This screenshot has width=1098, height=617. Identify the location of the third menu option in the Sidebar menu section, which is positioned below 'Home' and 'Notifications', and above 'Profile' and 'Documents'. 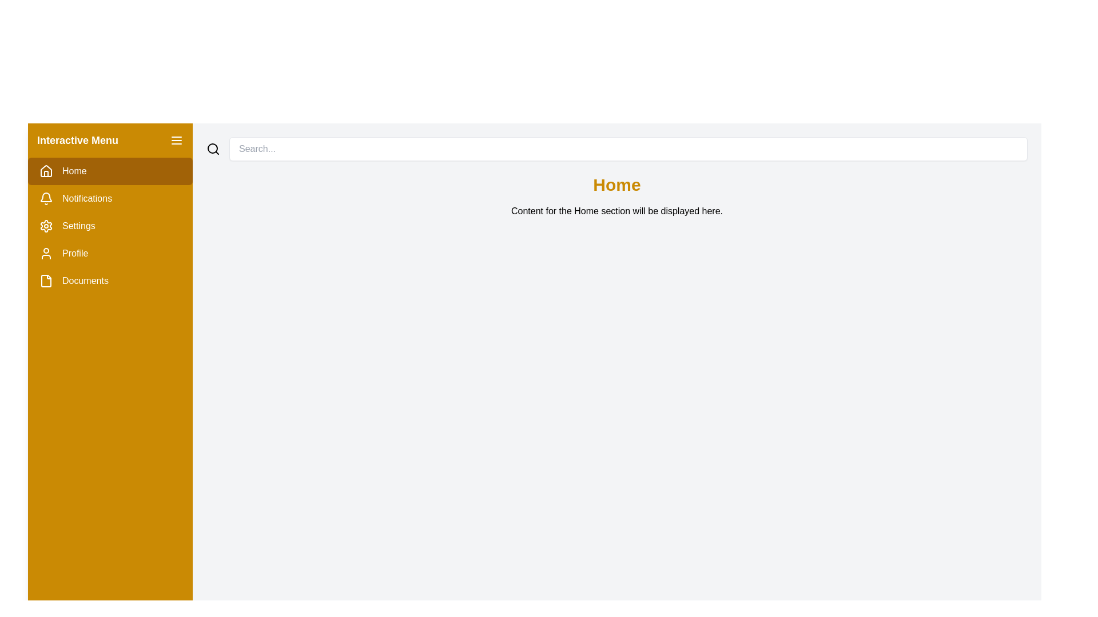
(110, 226).